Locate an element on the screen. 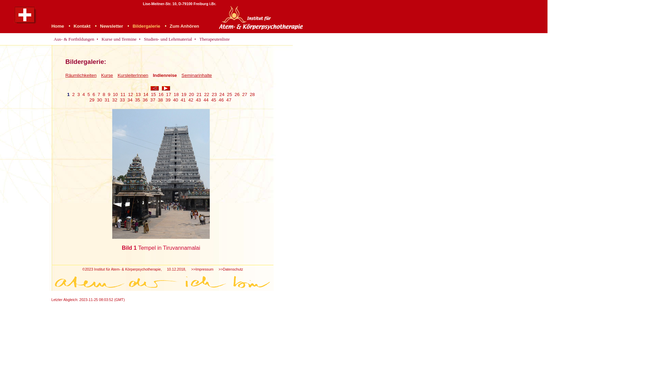 The height and width of the screenshot is (369, 657). '37' is located at coordinates (152, 100).